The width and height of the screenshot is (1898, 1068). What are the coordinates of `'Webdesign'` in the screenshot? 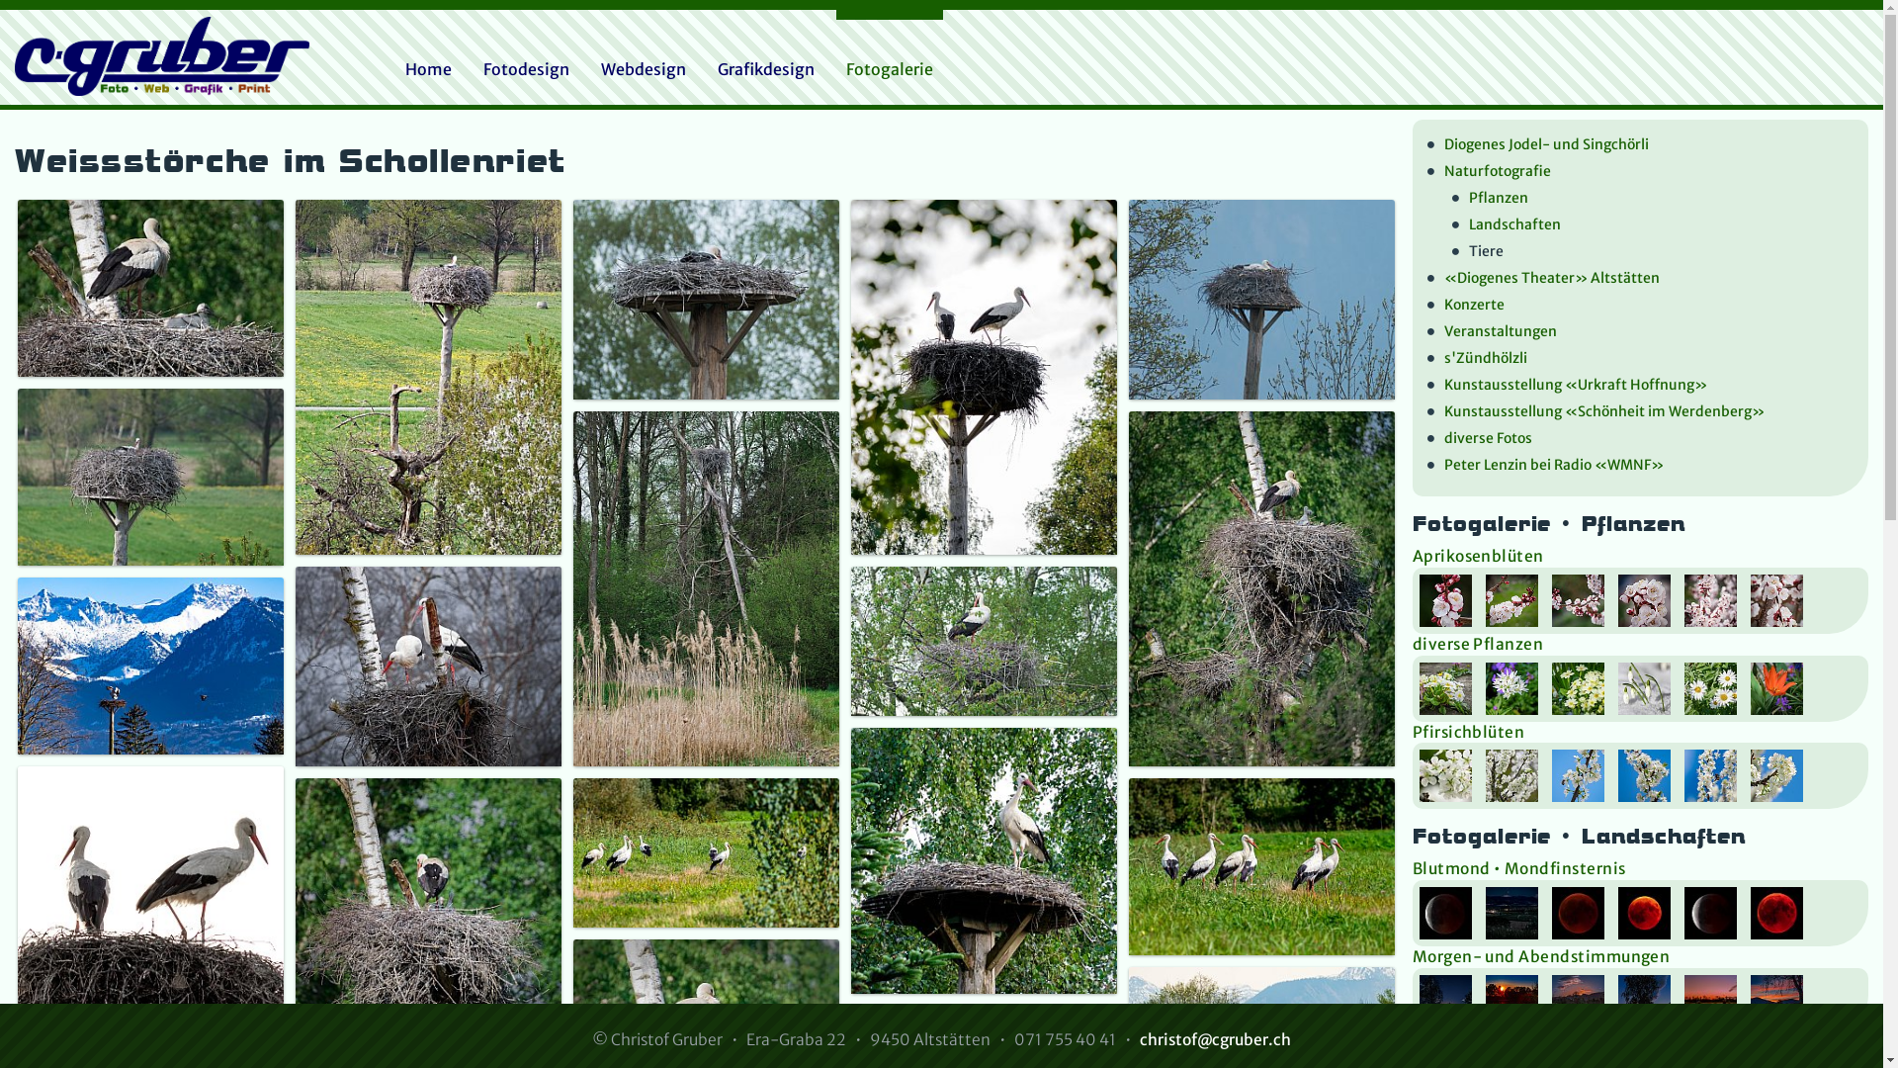 It's located at (590, 68).